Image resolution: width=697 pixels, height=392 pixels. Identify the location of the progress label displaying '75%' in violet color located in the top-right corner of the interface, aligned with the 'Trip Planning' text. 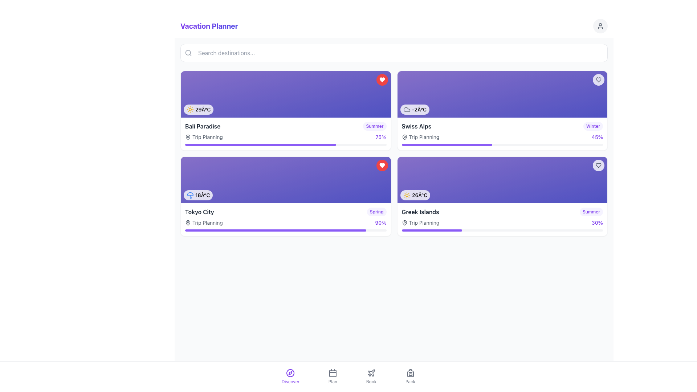
(380, 137).